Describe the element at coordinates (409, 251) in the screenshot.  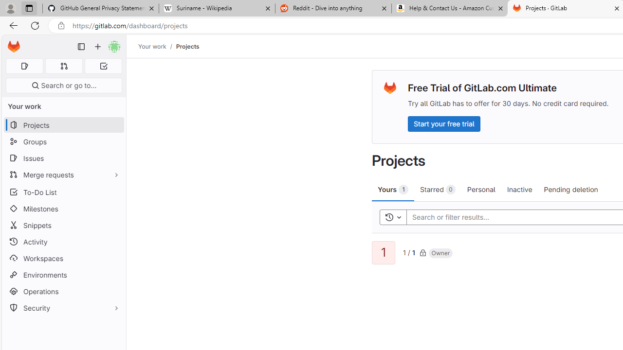
I see `'1 / 1'` at that location.